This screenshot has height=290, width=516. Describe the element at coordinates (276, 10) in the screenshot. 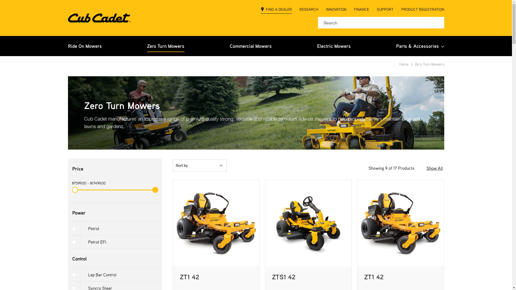

I see `'FIND A DEALER'` at that location.